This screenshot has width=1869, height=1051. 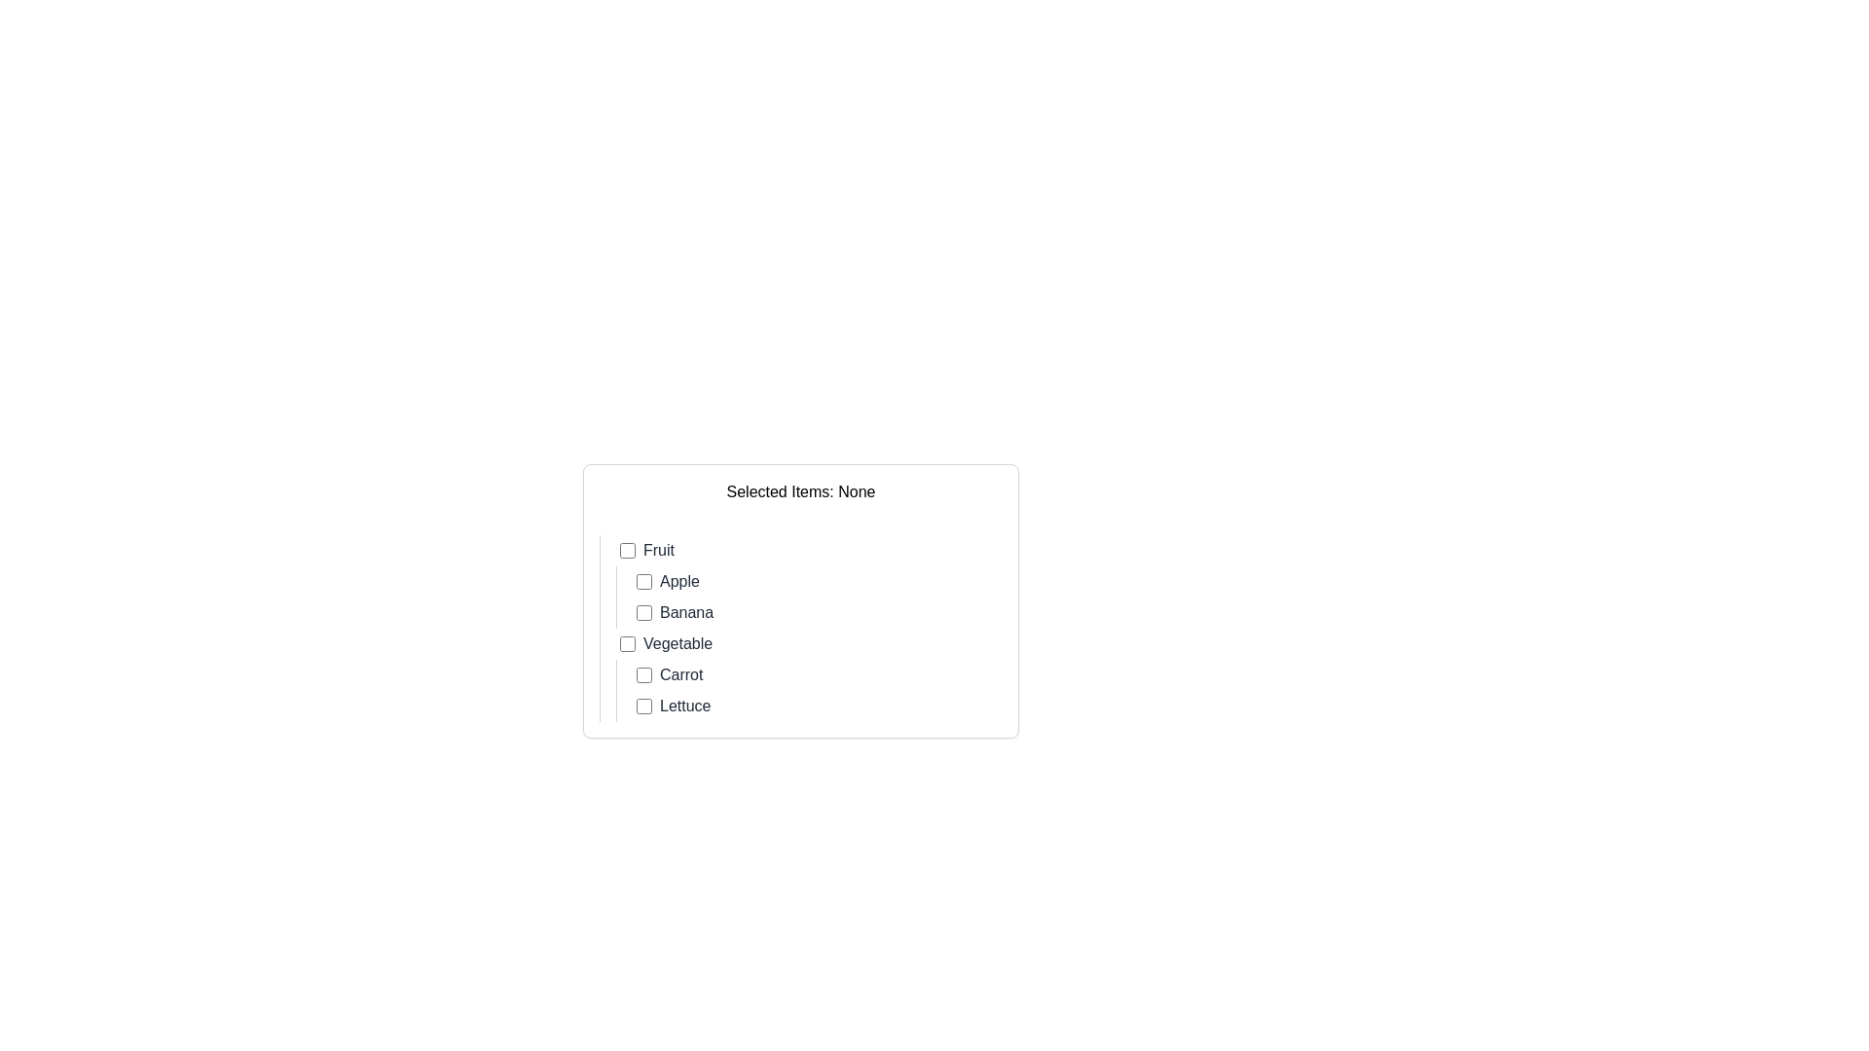 I want to click on the 'Banana' label, which is the second item under the 'Fruit' category, so click(x=686, y=611).